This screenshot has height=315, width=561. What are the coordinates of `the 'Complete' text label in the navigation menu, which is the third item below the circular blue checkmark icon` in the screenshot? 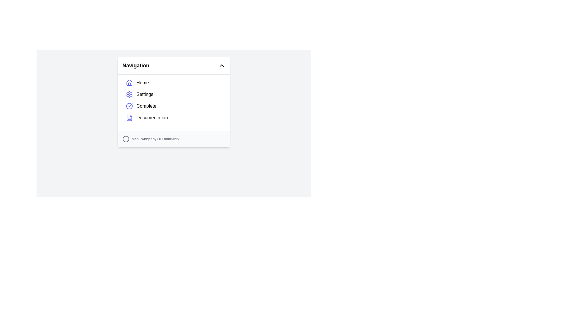 It's located at (146, 106).